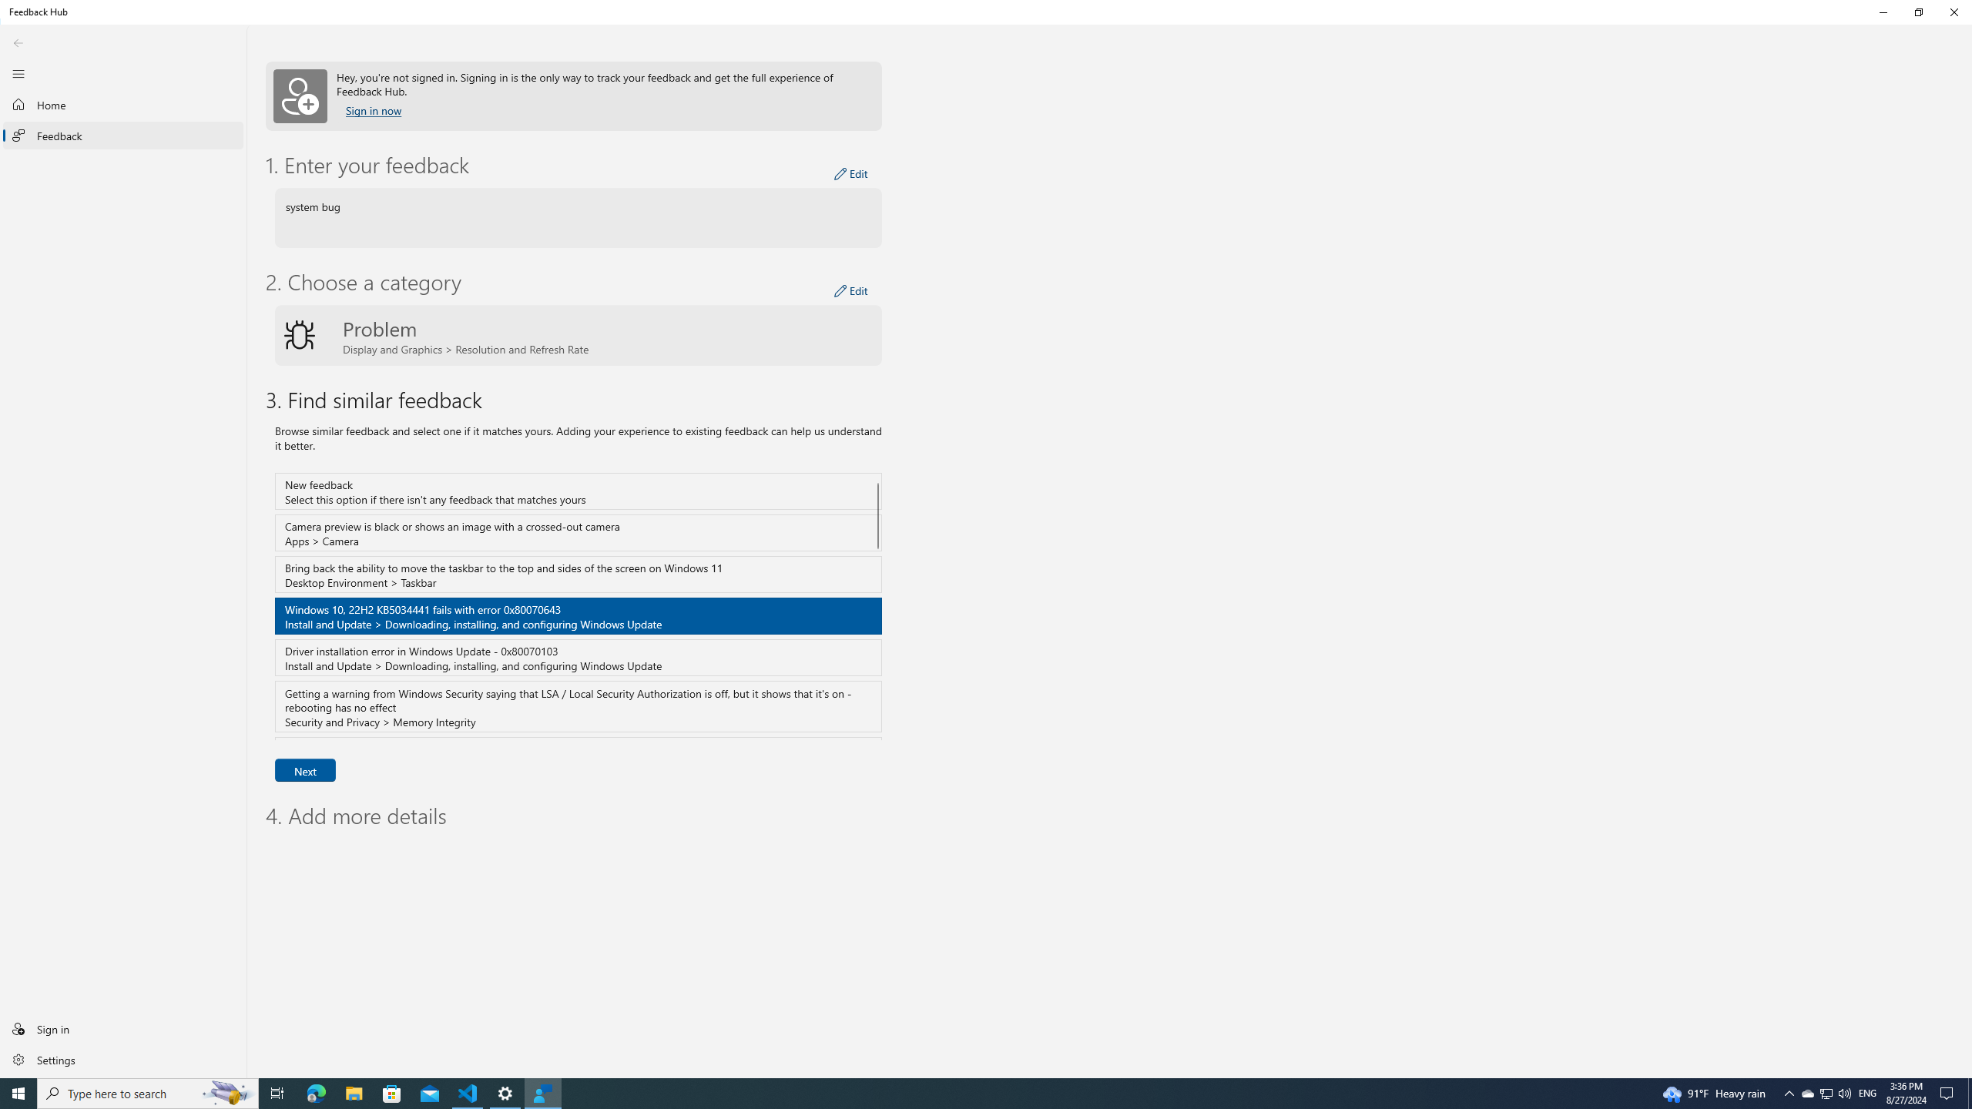 This screenshot has width=1972, height=1109. Describe the element at coordinates (122, 1027) in the screenshot. I see `'Sign in'` at that location.